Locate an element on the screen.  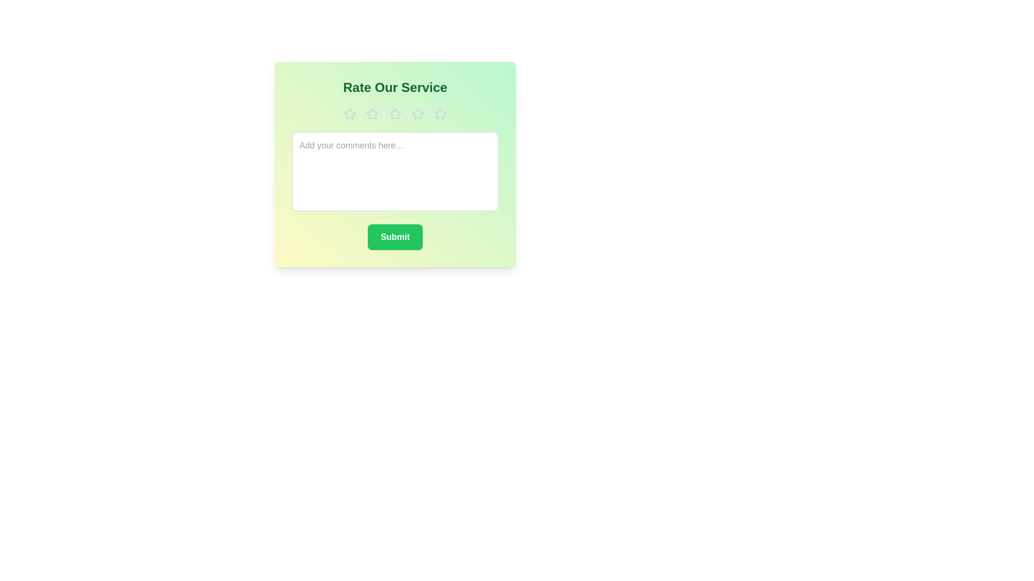
the star representing the rating 5 is located at coordinates (440, 114).